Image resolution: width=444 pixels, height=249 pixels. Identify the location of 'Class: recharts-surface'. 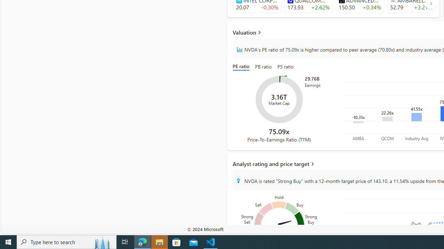
(279, 100).